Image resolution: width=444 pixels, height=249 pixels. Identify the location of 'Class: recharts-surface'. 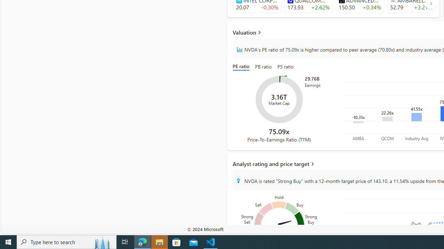
(279, 100).